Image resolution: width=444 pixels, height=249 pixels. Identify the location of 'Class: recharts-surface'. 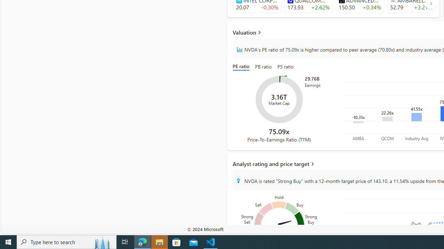
(279, 100).